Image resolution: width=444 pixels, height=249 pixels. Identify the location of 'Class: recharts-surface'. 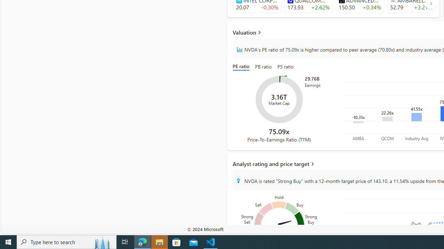
(279, 100).